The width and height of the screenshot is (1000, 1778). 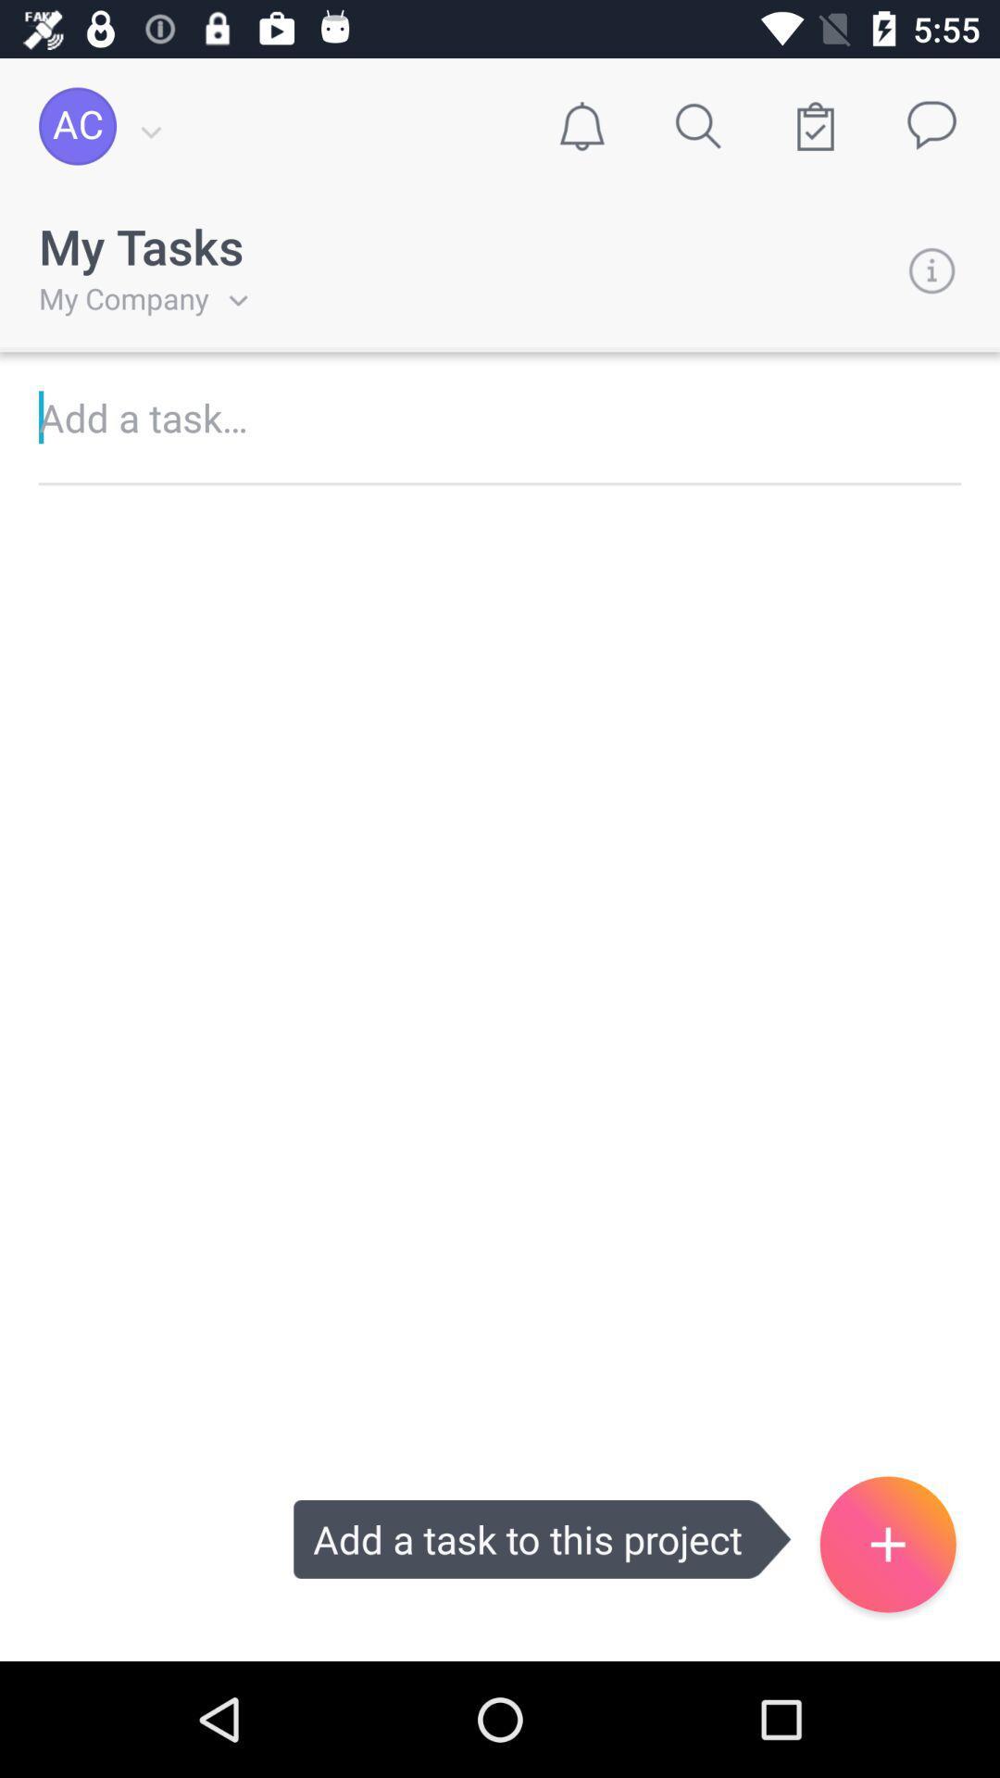 I want to click on the add icon, so click(x=887, y=1544).